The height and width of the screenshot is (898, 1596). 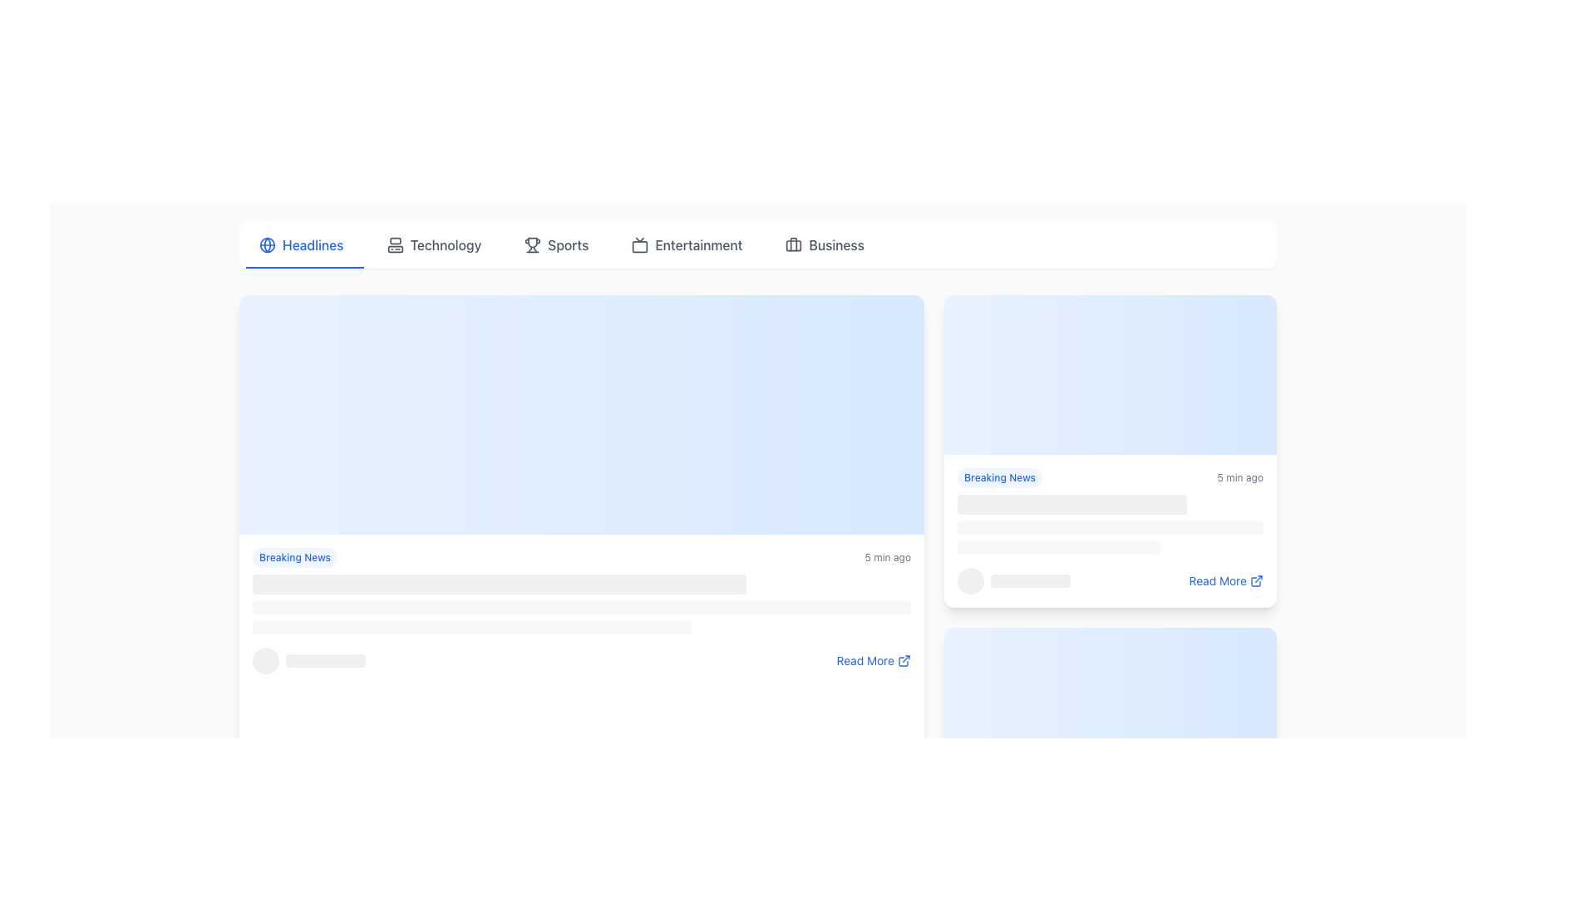 What do you see at coordinates (267, 244) in the screenshot?
I see `the central circular shape of the globe icon in the navigation bar, located next to the 'Headlines' text` at bounding box center [267, 244].